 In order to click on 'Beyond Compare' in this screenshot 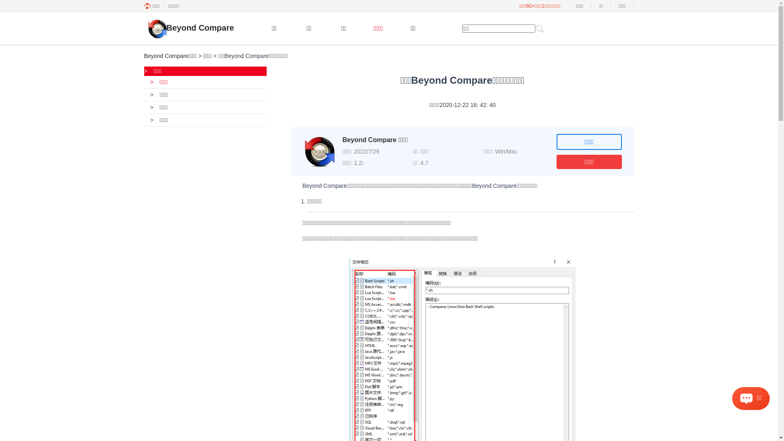, I will do `click(188, 28)`.